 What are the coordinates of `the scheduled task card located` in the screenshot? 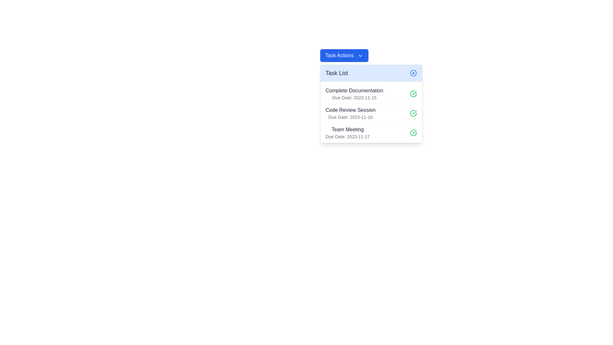 It's located at (371, 113).